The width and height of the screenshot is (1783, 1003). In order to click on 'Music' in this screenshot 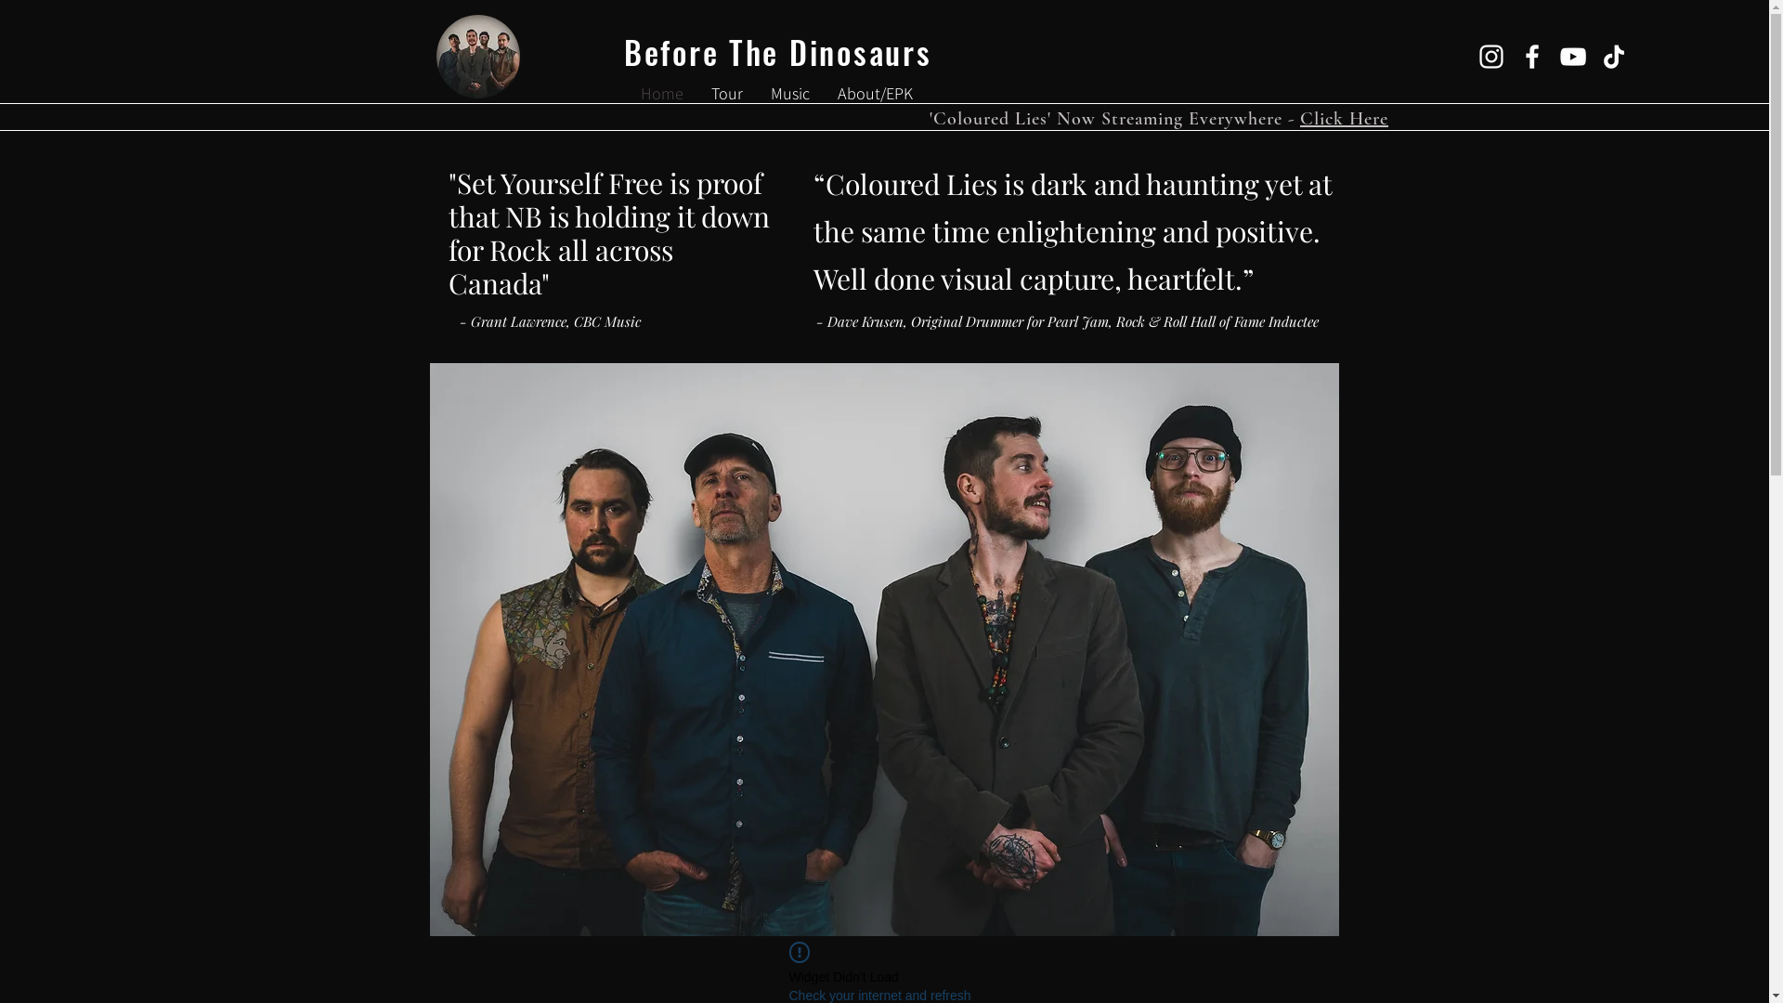, I will do `click(789, 93)`.